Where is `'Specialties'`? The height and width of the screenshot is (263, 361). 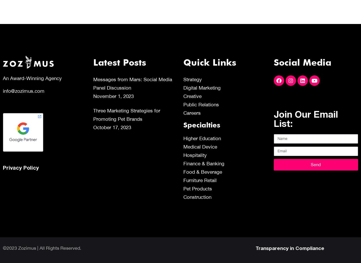
'Specialties' is located at coordinates (204, 125).